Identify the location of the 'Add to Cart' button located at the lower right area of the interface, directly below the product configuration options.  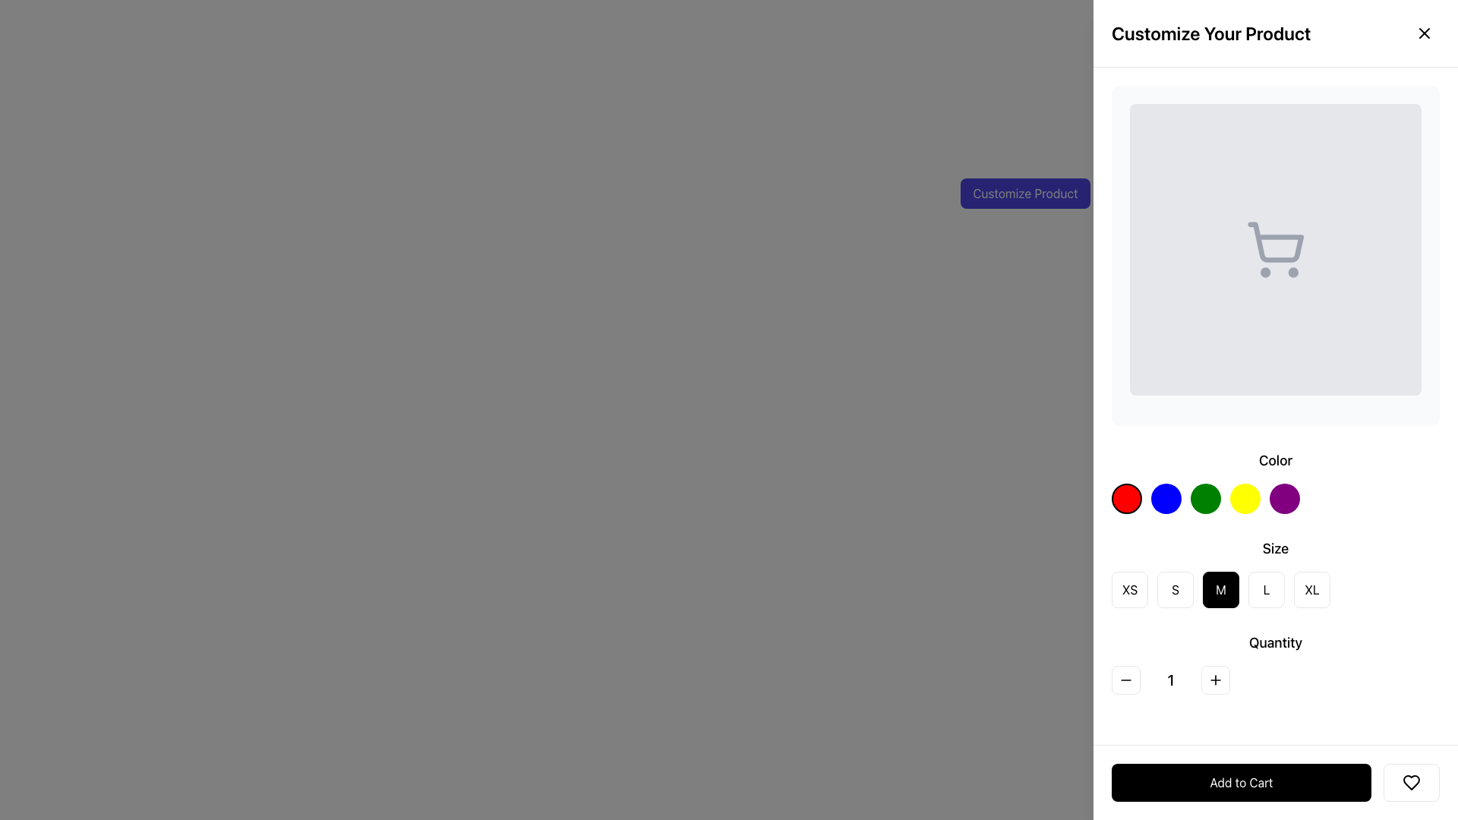
(1276, 782).